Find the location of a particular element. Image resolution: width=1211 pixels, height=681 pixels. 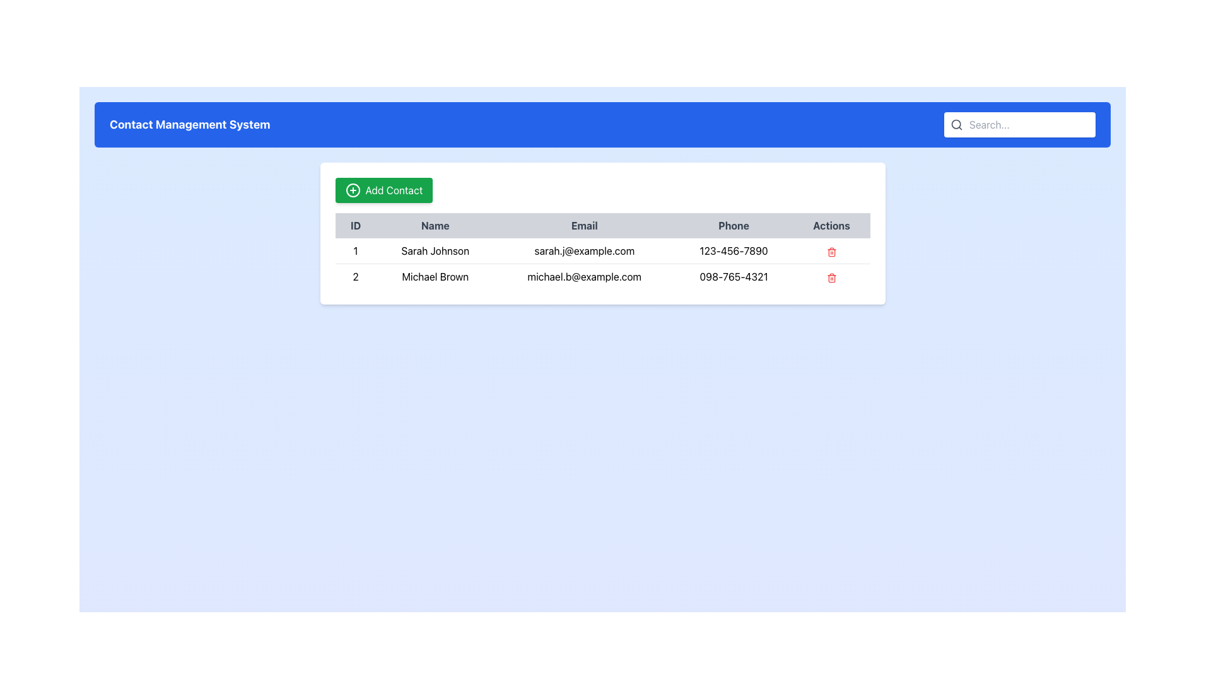

the email address 'michael.b@example.com' located in the second row of the contact management table, specifically in the 'Email' column is located at coordinates (583, 276).